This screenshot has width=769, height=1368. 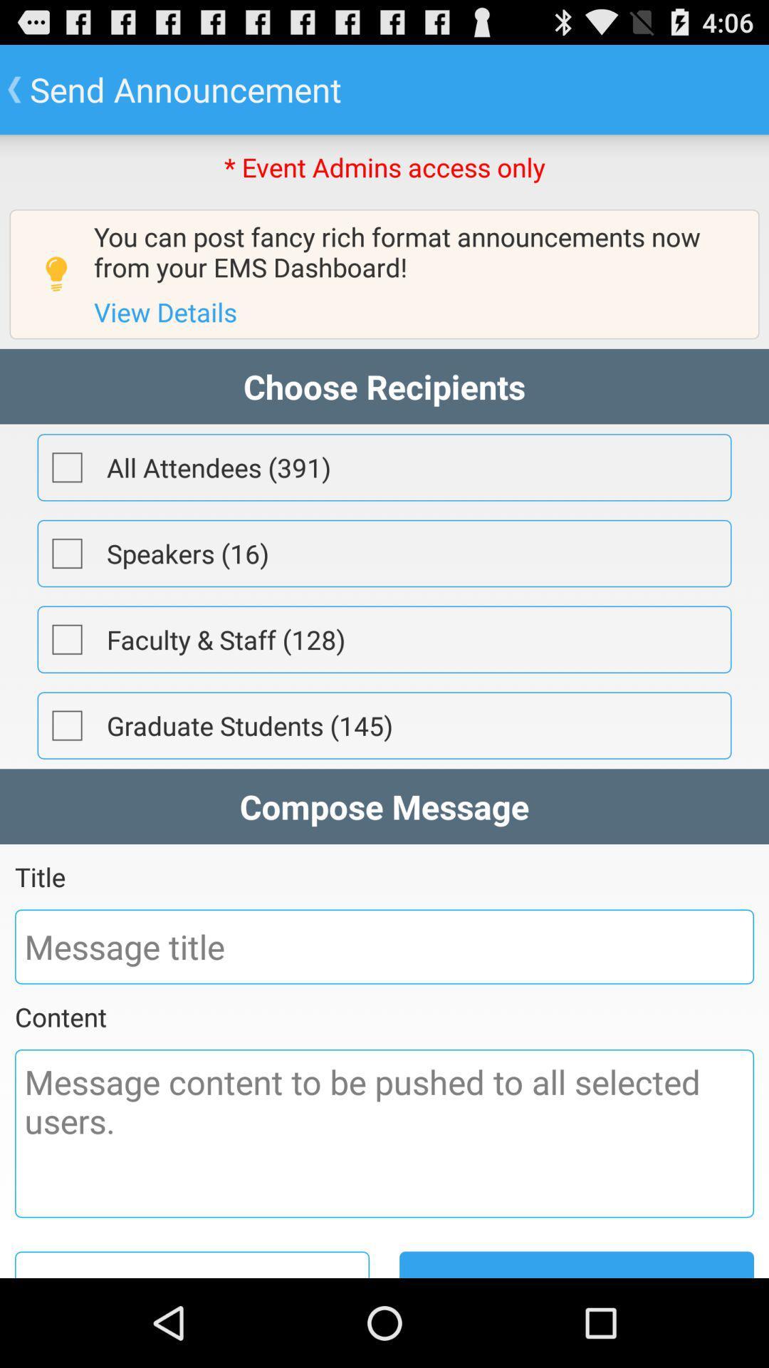 What do you see at coordinates (164, 311) in the screenshot?
I see `app below the you can post app` at bounding box center [164, 311].